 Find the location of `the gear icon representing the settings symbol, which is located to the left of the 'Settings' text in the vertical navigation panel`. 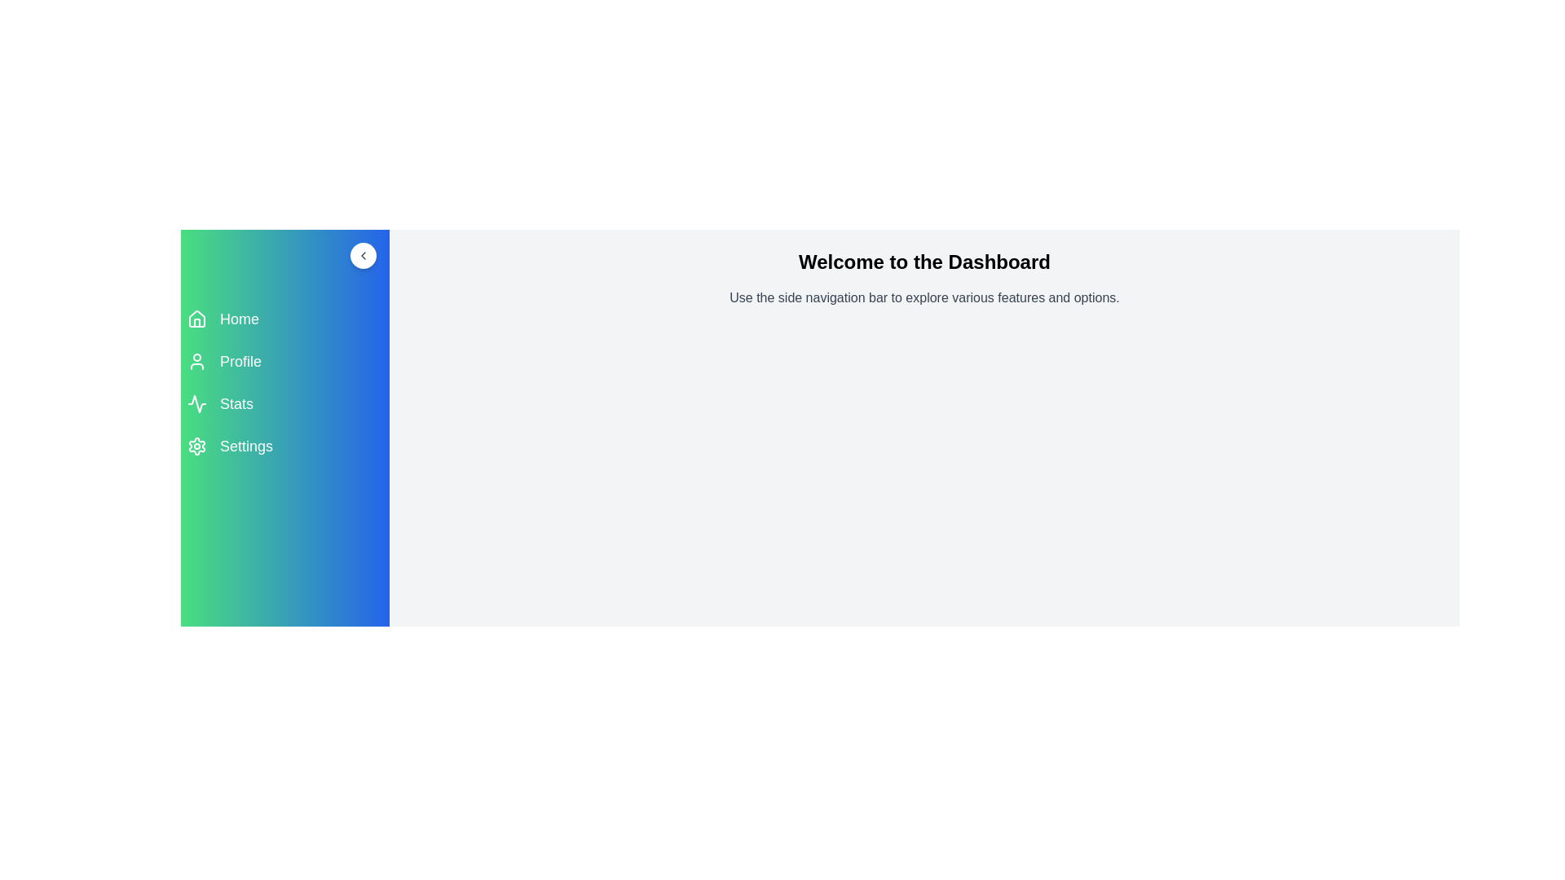

the gear icon representing the settings symbol, which is located to the left of the 'Settings' text in the vertical navigation panel is located at coordinates (196, 446).